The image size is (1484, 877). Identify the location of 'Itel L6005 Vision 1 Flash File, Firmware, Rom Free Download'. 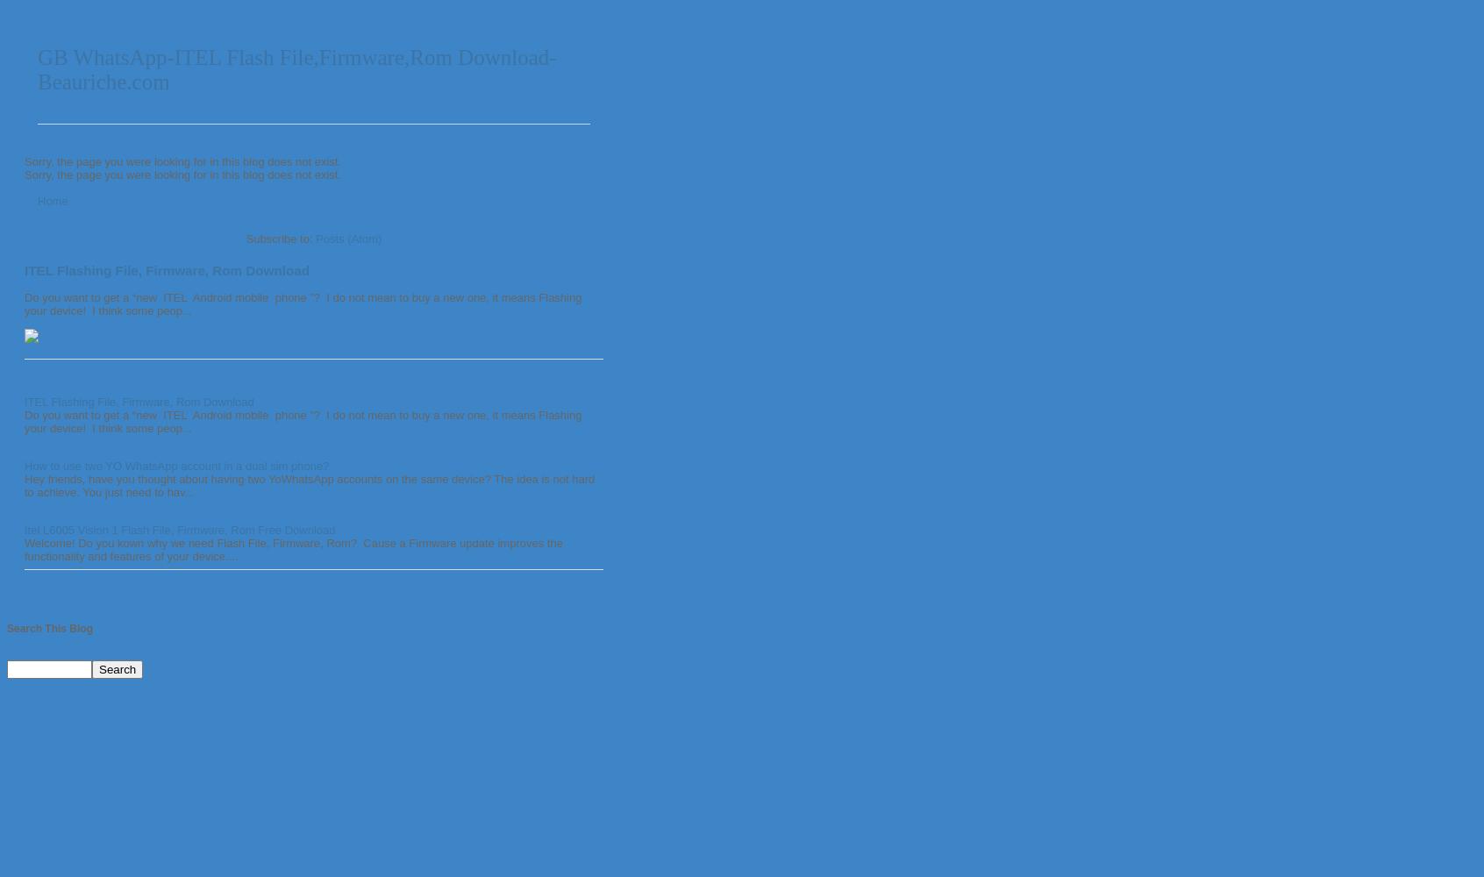
(179, 529).